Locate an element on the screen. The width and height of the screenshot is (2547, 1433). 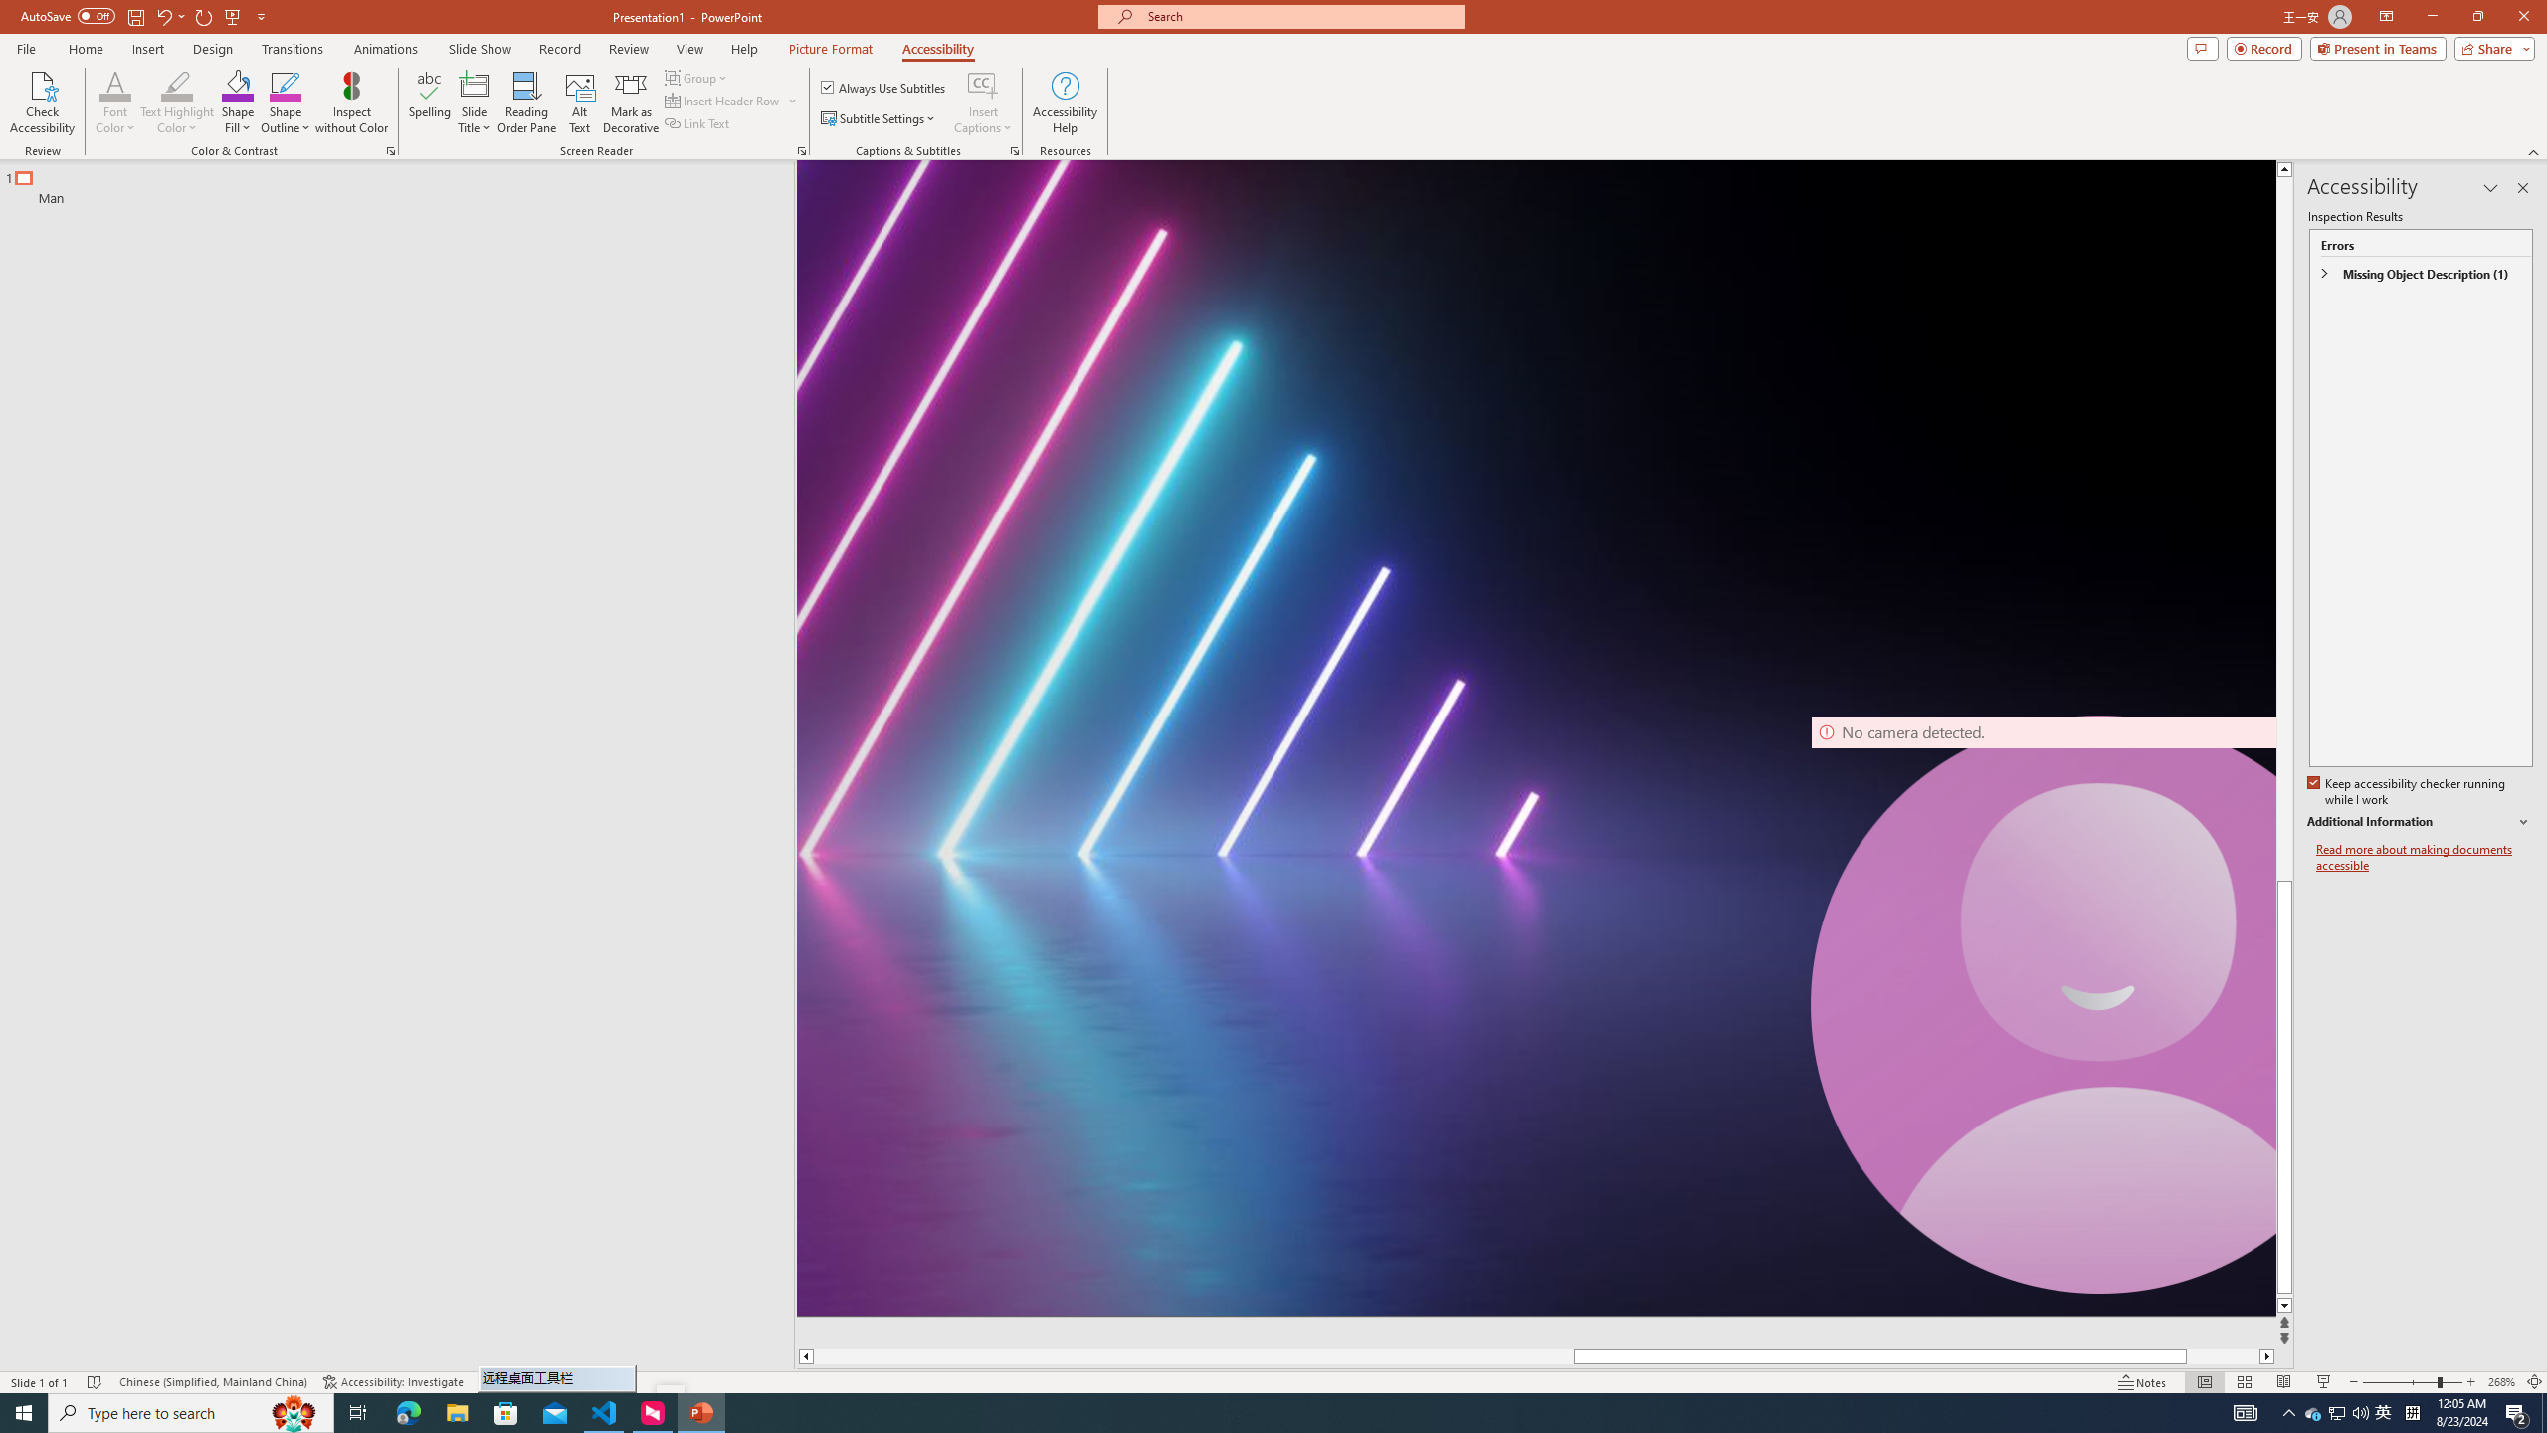
'Group' is located at coordinates (697, 77).